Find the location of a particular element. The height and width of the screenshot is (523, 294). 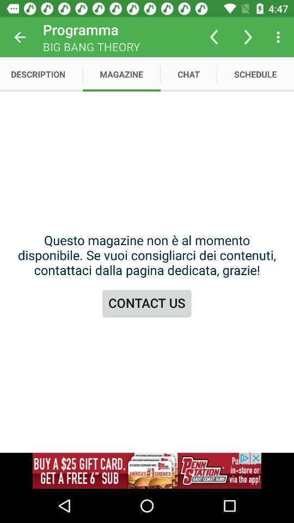

the three lines text in the page is located at coordinates (147, 255).